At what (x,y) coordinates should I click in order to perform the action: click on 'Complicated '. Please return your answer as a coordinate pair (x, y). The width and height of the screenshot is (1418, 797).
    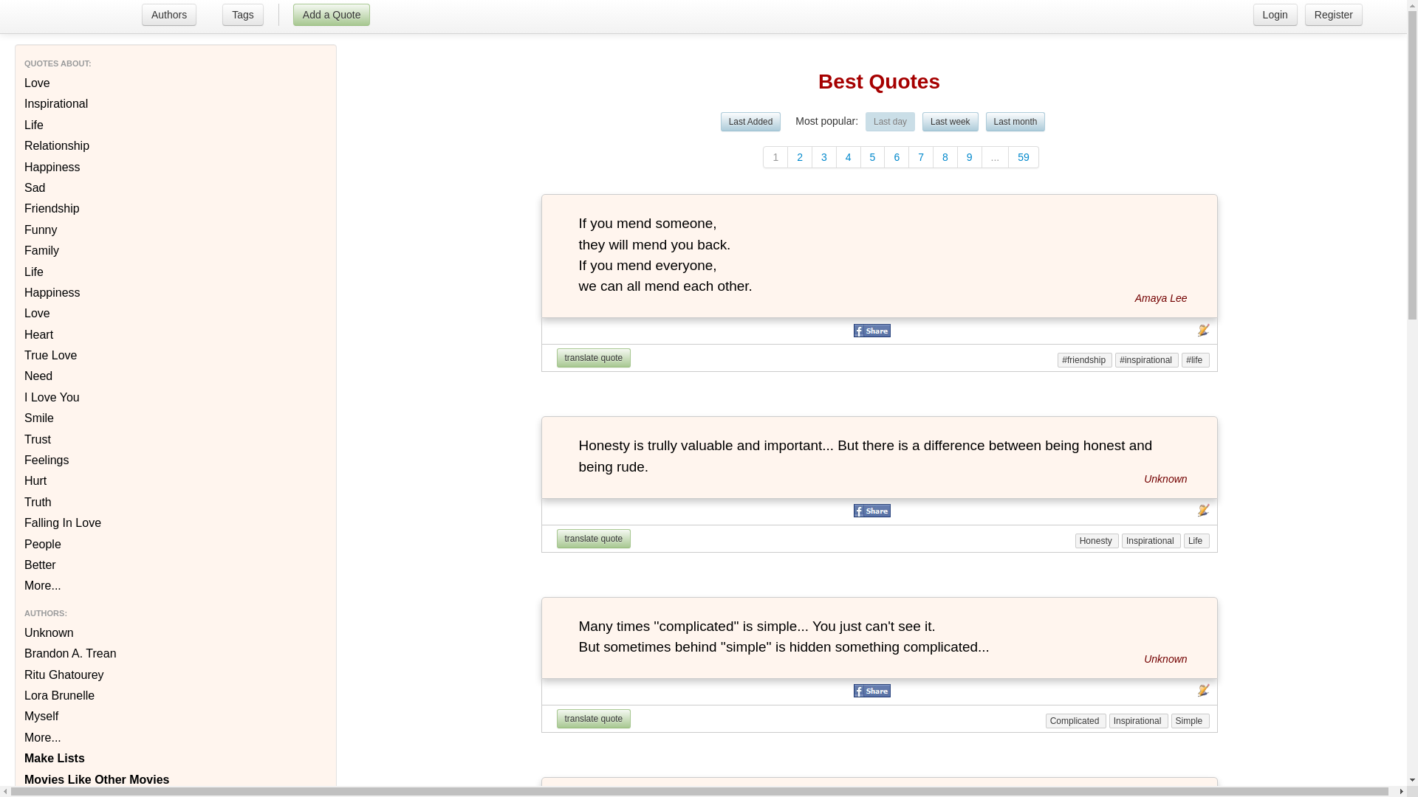
    Looking at the image, I should click on (1076, 720).